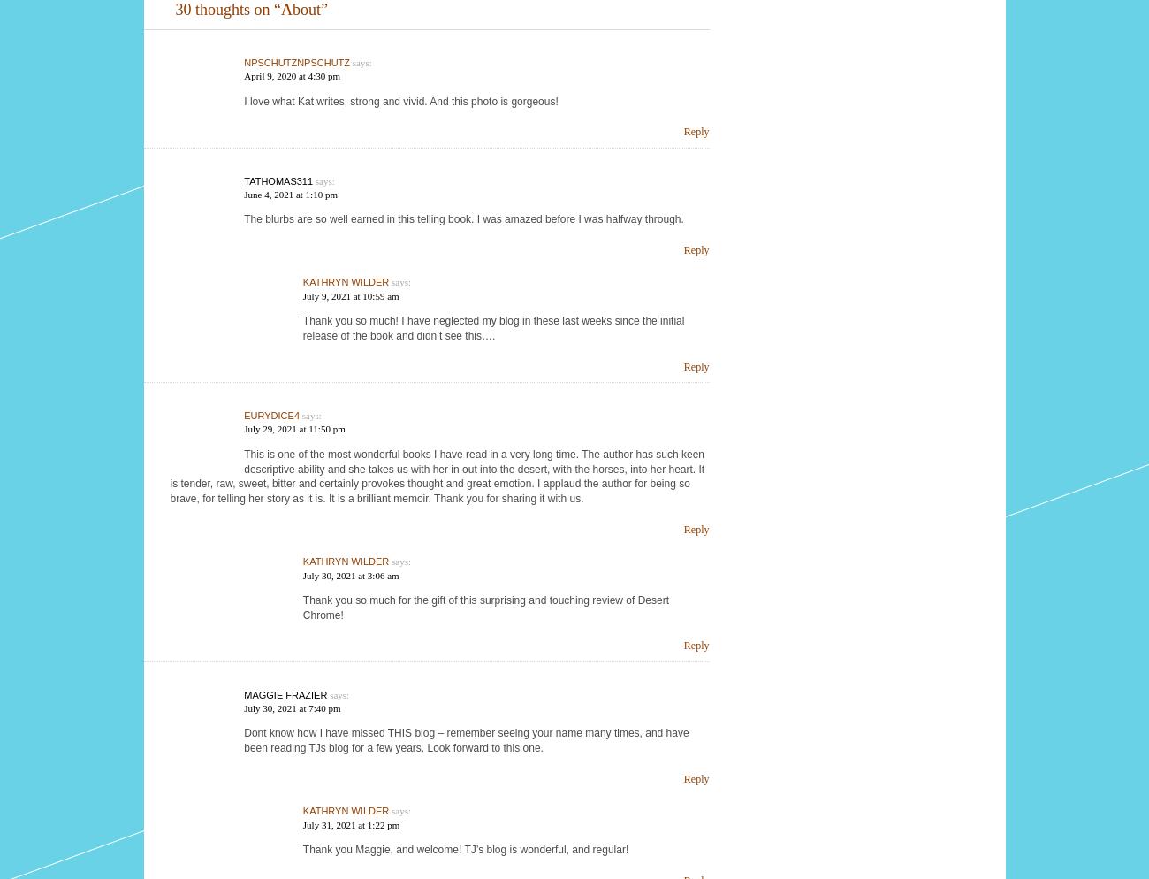 This screenshot has height=879, width=1149. I want to click on 'July 30, 2021 at 3:06 am', so click(350, 574).